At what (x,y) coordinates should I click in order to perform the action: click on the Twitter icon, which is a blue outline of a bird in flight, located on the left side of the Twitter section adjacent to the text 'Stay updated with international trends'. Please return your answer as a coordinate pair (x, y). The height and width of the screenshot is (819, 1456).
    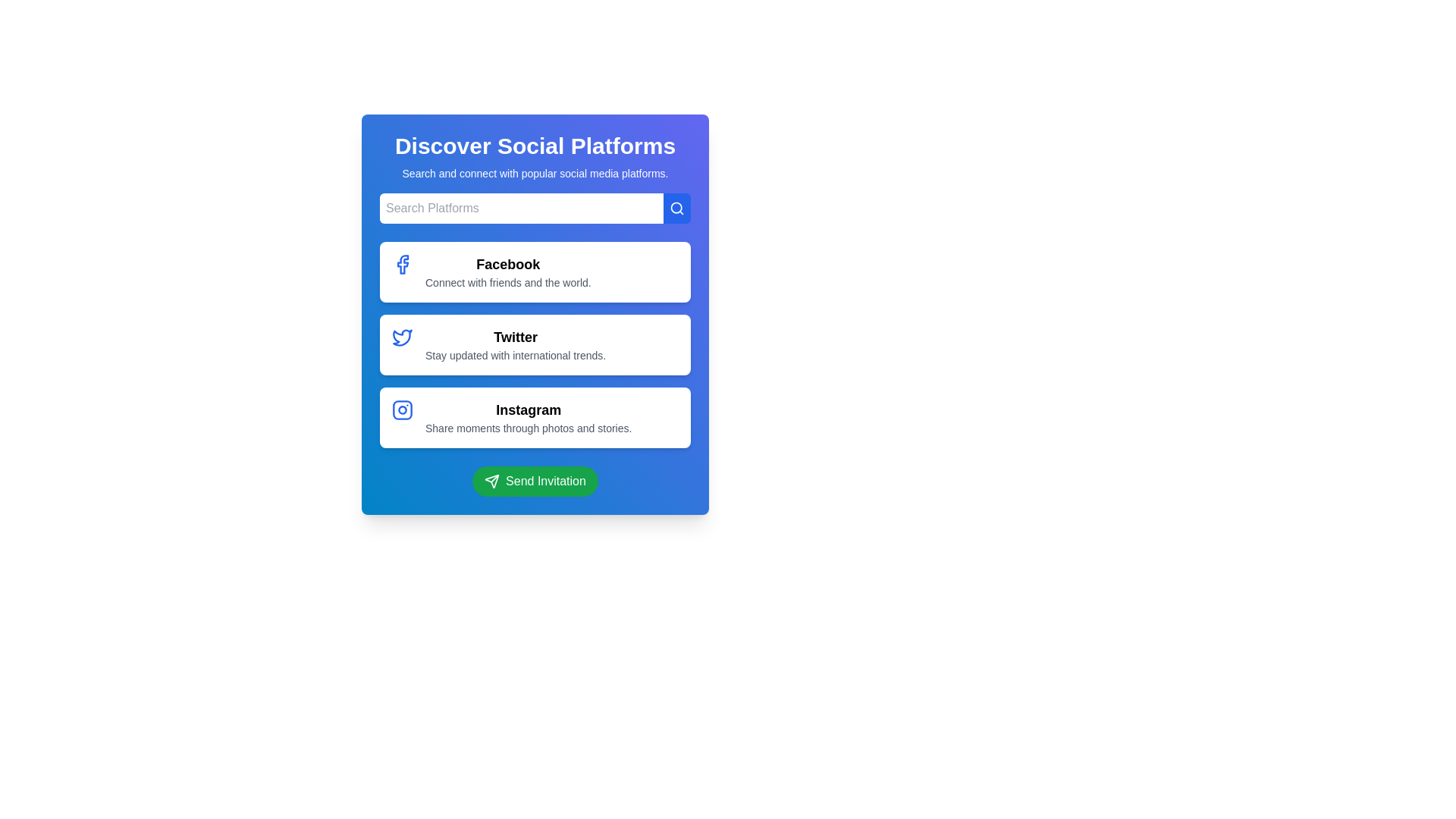
    Looking at the image, I should click on (403, 336).